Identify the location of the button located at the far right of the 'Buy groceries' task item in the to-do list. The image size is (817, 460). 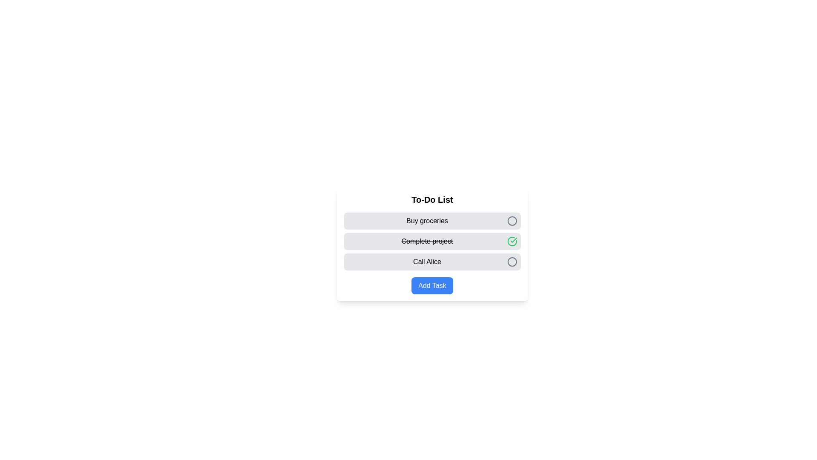
(512, 221).